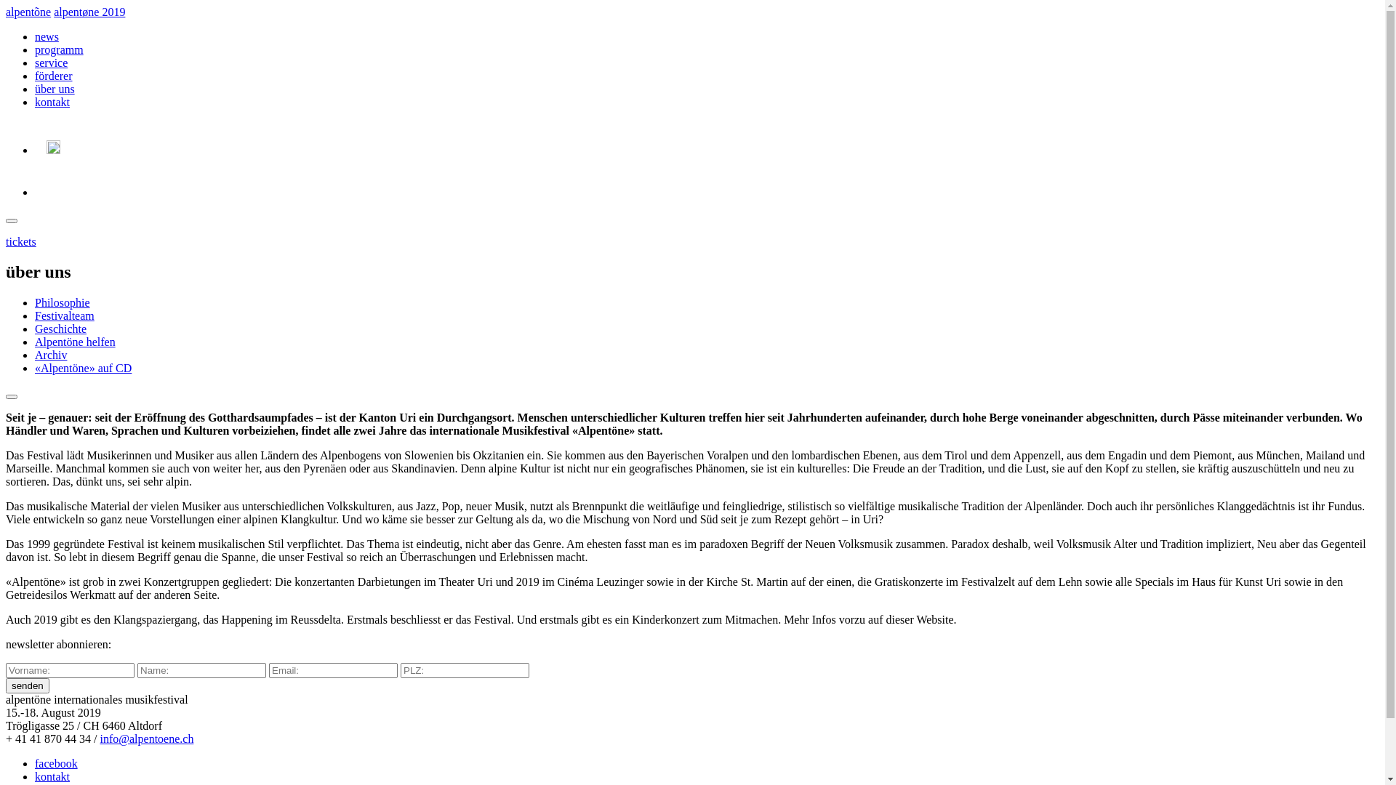 Image resolution: width=1396 pixels, height=785 pixels. I want to click on 'news', so click(47, 36).